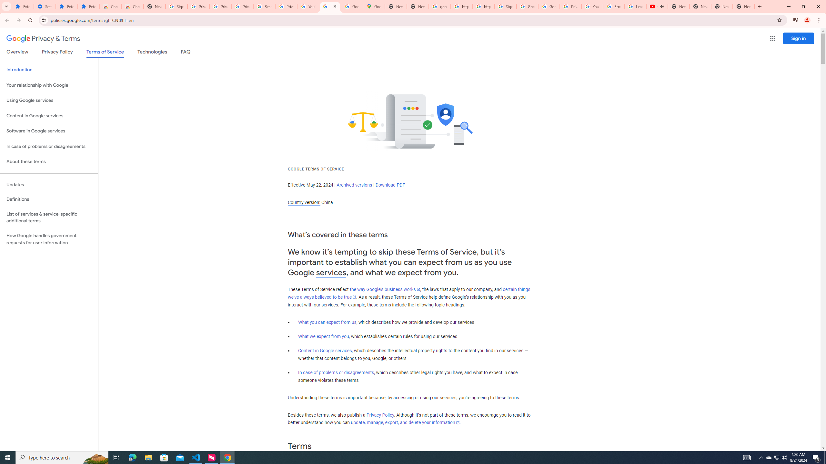 The height and width of the screenshot is (464, 826). Describe the element at coordinates (743, 6) in the screenshot. I see `'New Tab'` at that location.